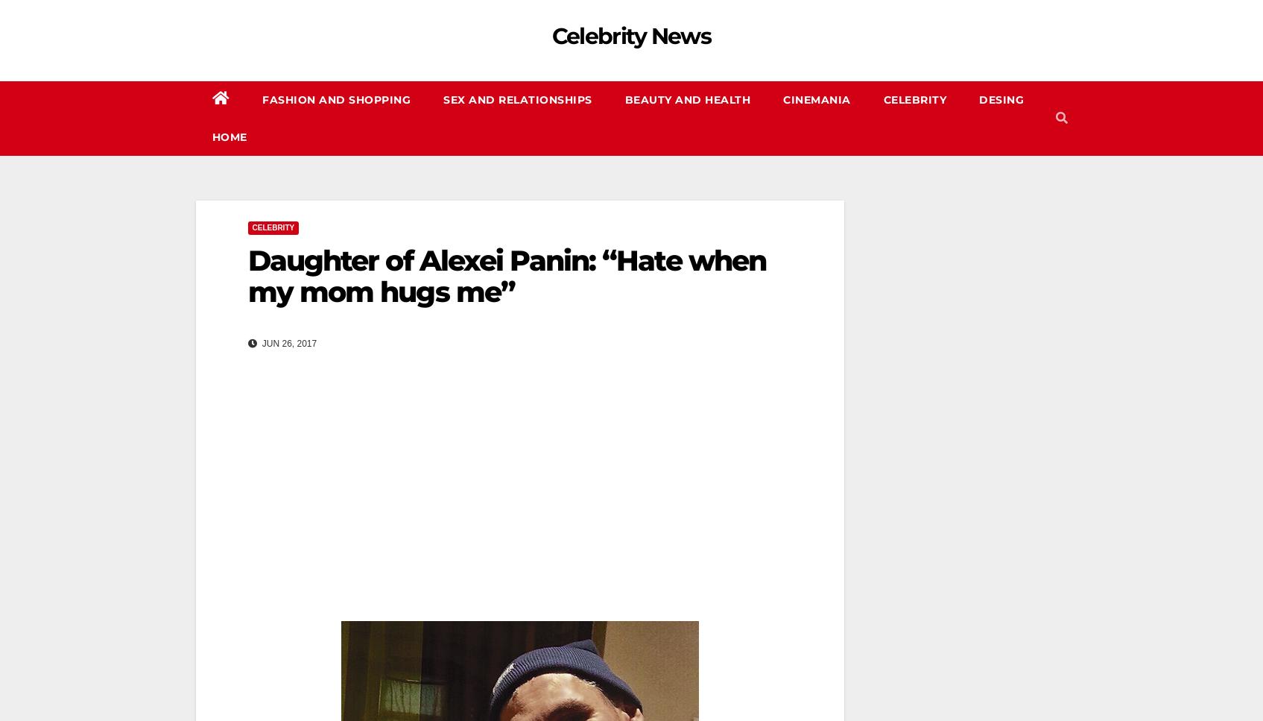 Image resolution: width=1263 pixels, height=721 pixels. I want to click on 'Home', so click(229, 137).